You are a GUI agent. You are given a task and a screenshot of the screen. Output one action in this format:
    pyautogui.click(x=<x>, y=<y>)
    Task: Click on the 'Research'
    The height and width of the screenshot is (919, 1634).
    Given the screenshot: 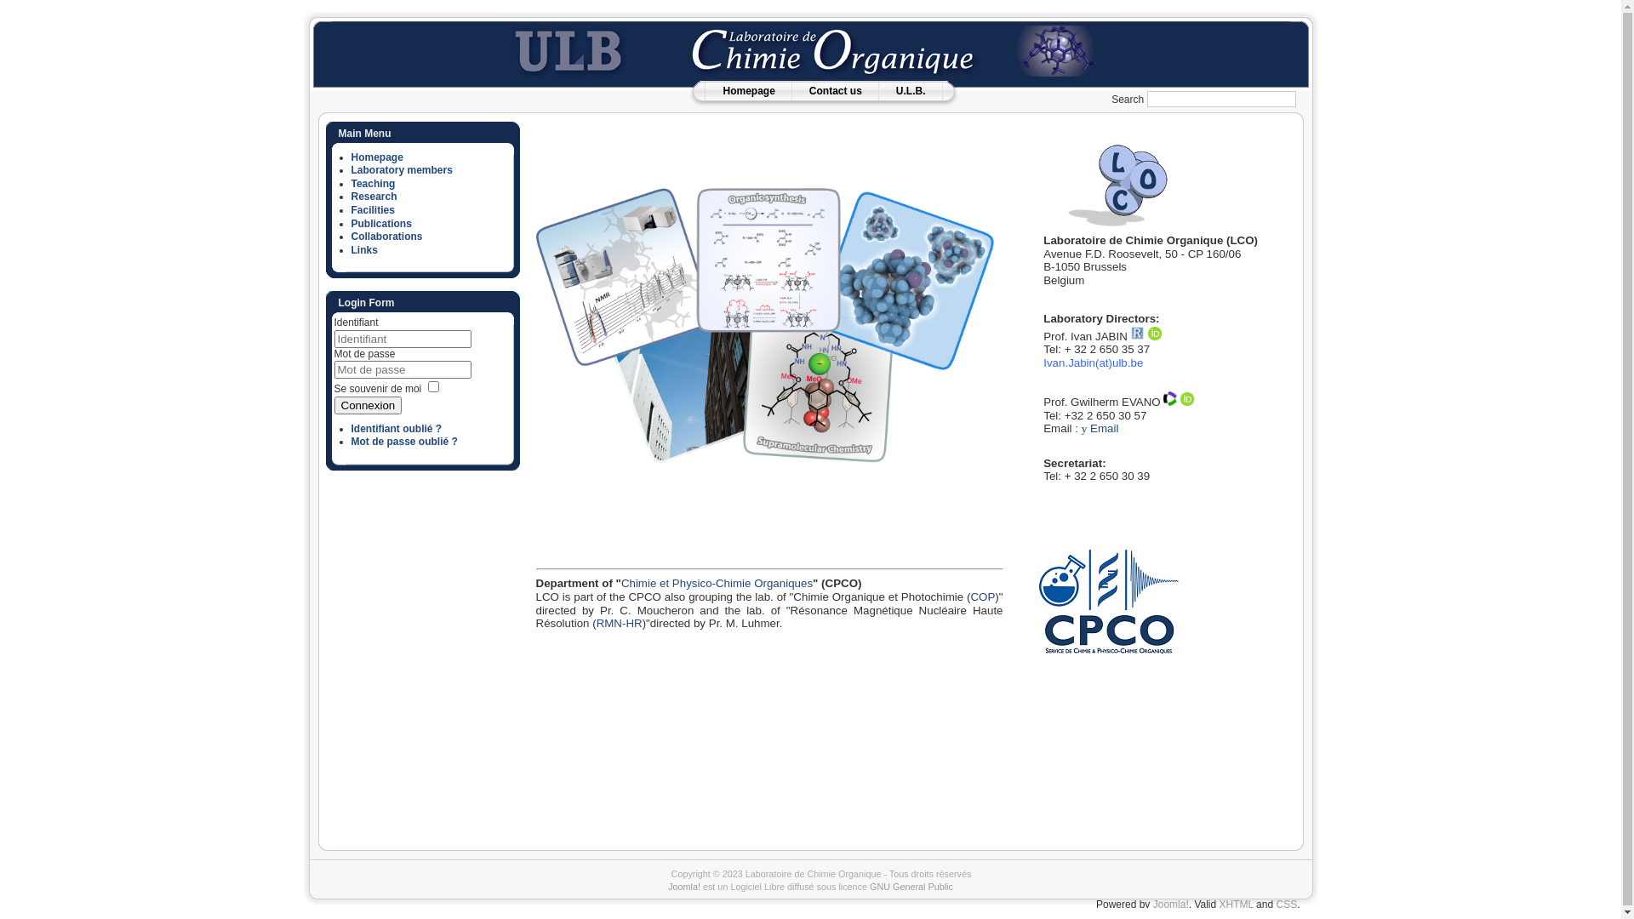 What is the action you would take?
    pyautogui.click(x=372, y=196)
    